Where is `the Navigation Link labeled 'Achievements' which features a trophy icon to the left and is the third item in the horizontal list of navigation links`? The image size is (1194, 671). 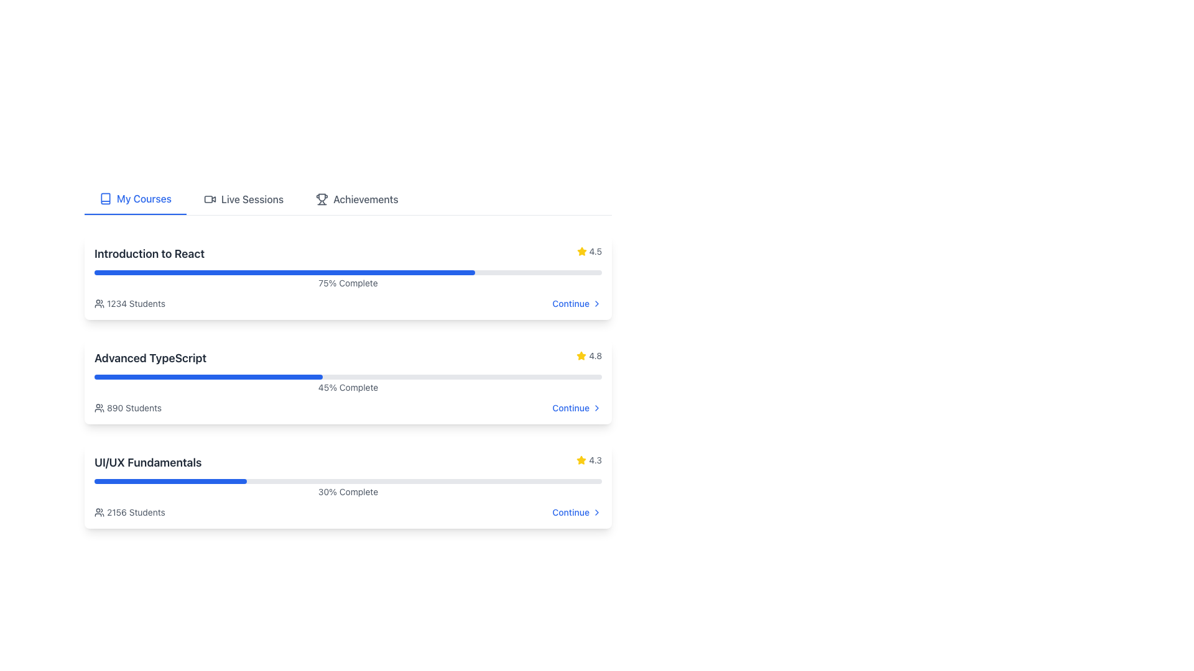
the Navigation Link labeled 'Achievements' which features a trophy icon to the left and is the third item in the horizontal list of navigation links is located at coordinates (356, 198).